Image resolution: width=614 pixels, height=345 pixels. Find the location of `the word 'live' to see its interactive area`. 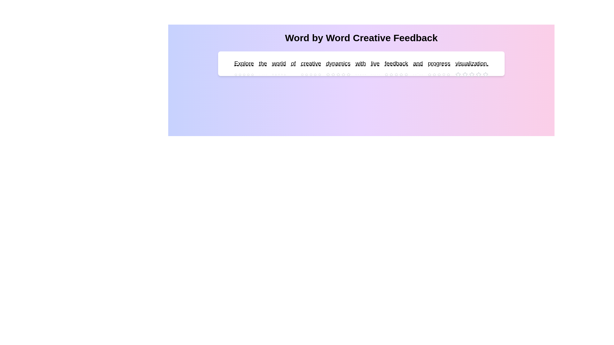

the word 'live' to see its interactive area is located at coordinates (375, 64).